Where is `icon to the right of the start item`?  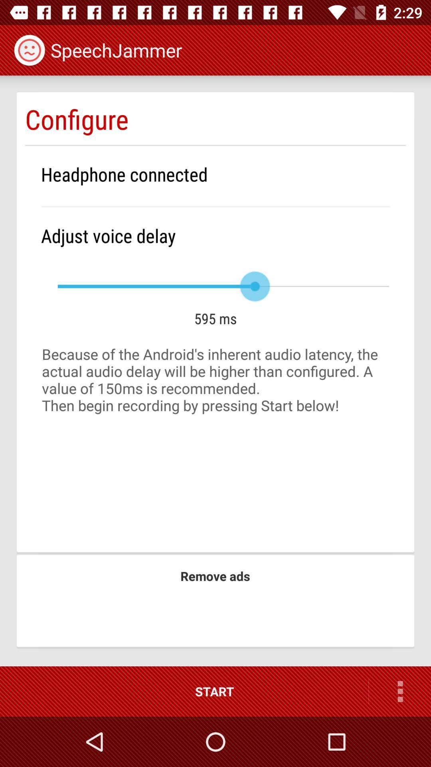 icon to the right of the start item is located at coordinates (400, 691).